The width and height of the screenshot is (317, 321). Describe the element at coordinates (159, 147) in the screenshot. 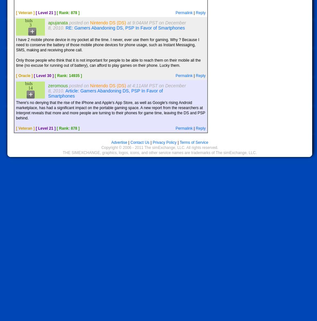

I see `'Copyright © 2006 - 2011 The simExchange, LLC.  All rights reserved.'` at that location.